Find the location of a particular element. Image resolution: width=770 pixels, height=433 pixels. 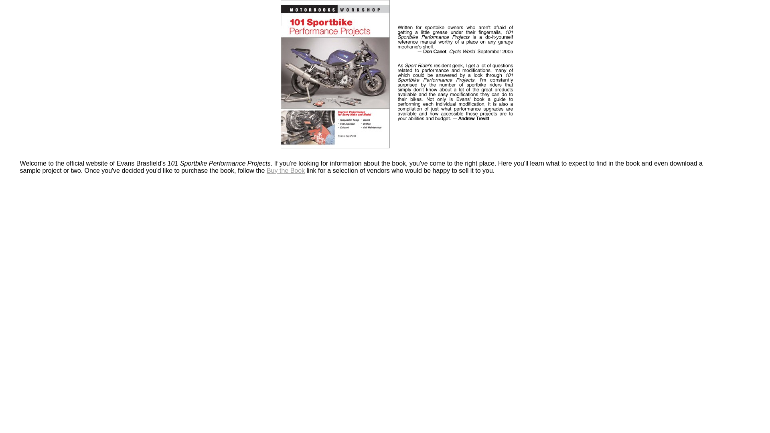

'Buy the Book' is located at coordinates (286, 170).